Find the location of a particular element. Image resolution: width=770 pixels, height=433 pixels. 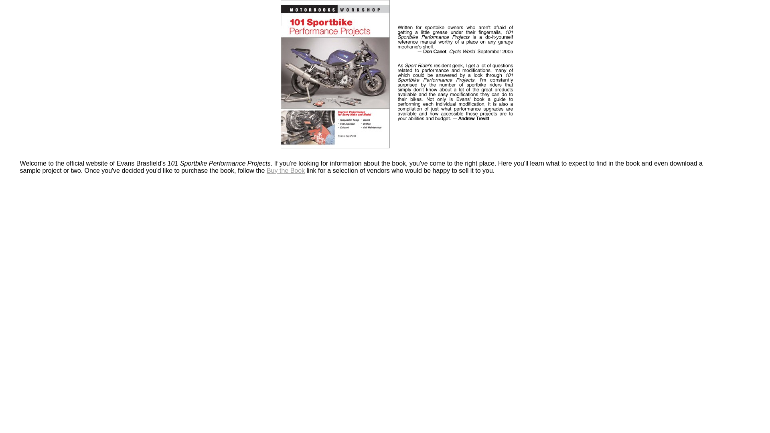

'Buy the Book' is located at coordinates (286, 170).